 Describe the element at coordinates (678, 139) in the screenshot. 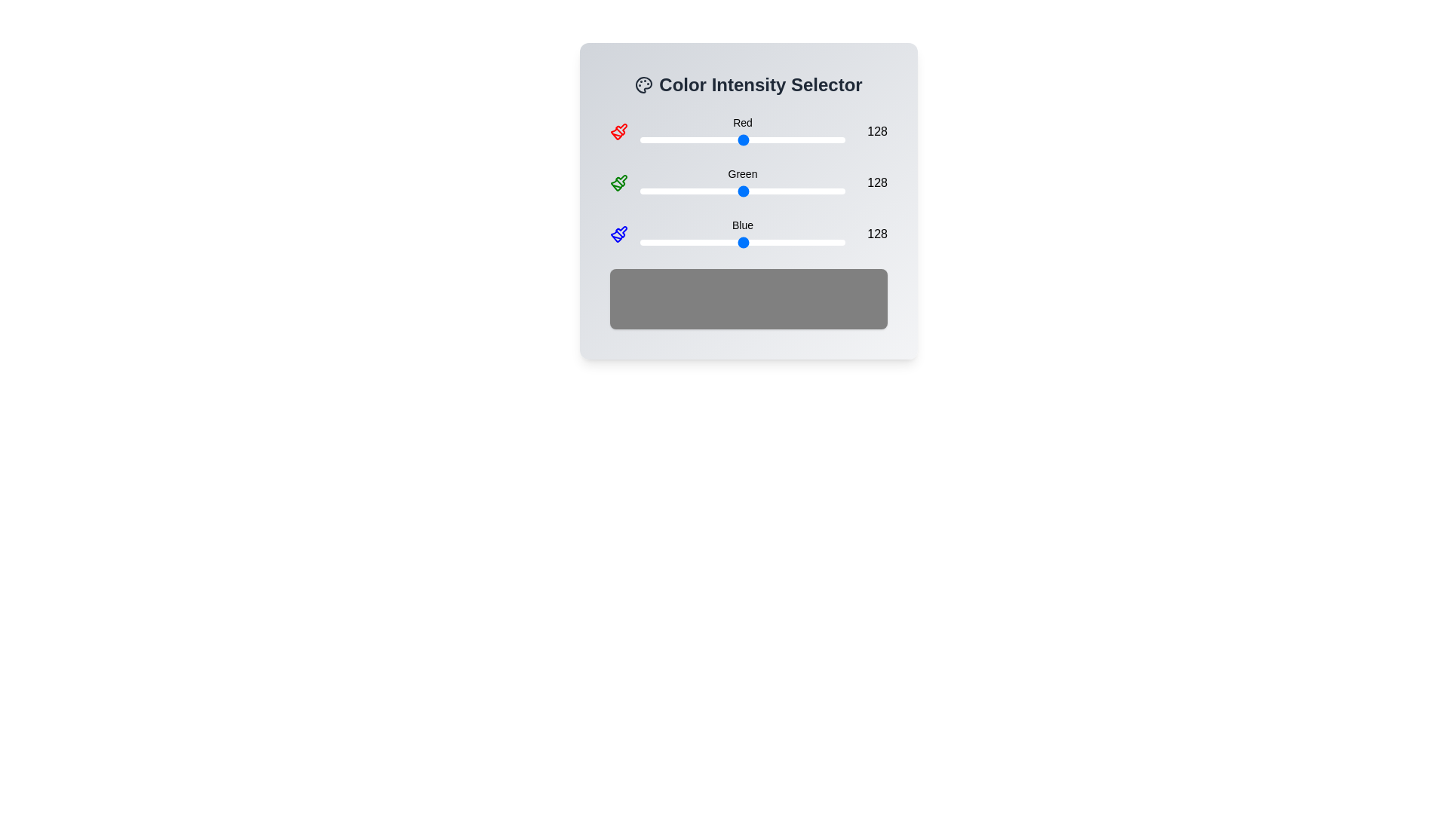

I see `the red color intensity` at that location.